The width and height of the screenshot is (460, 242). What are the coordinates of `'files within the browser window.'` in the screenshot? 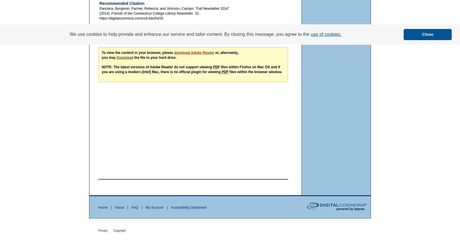 It's located at (228, 71).